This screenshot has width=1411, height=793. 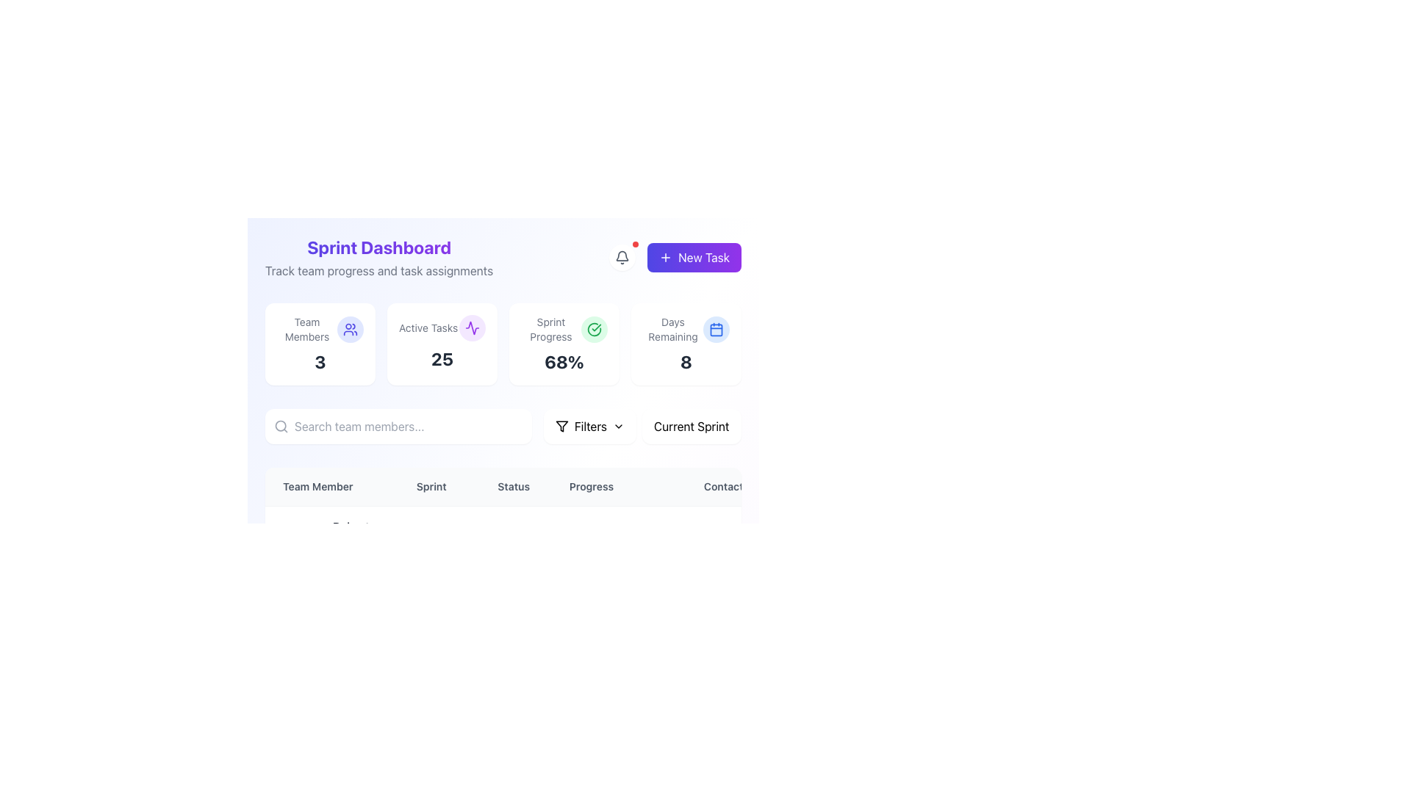 I want to click on the 'Filters' button, which has a white background, rounded corners, and features a funnel icon with a downward chevron, located above the table listing and preceding the 'Current Sprint' dropdown, so click(x=589, y=427).